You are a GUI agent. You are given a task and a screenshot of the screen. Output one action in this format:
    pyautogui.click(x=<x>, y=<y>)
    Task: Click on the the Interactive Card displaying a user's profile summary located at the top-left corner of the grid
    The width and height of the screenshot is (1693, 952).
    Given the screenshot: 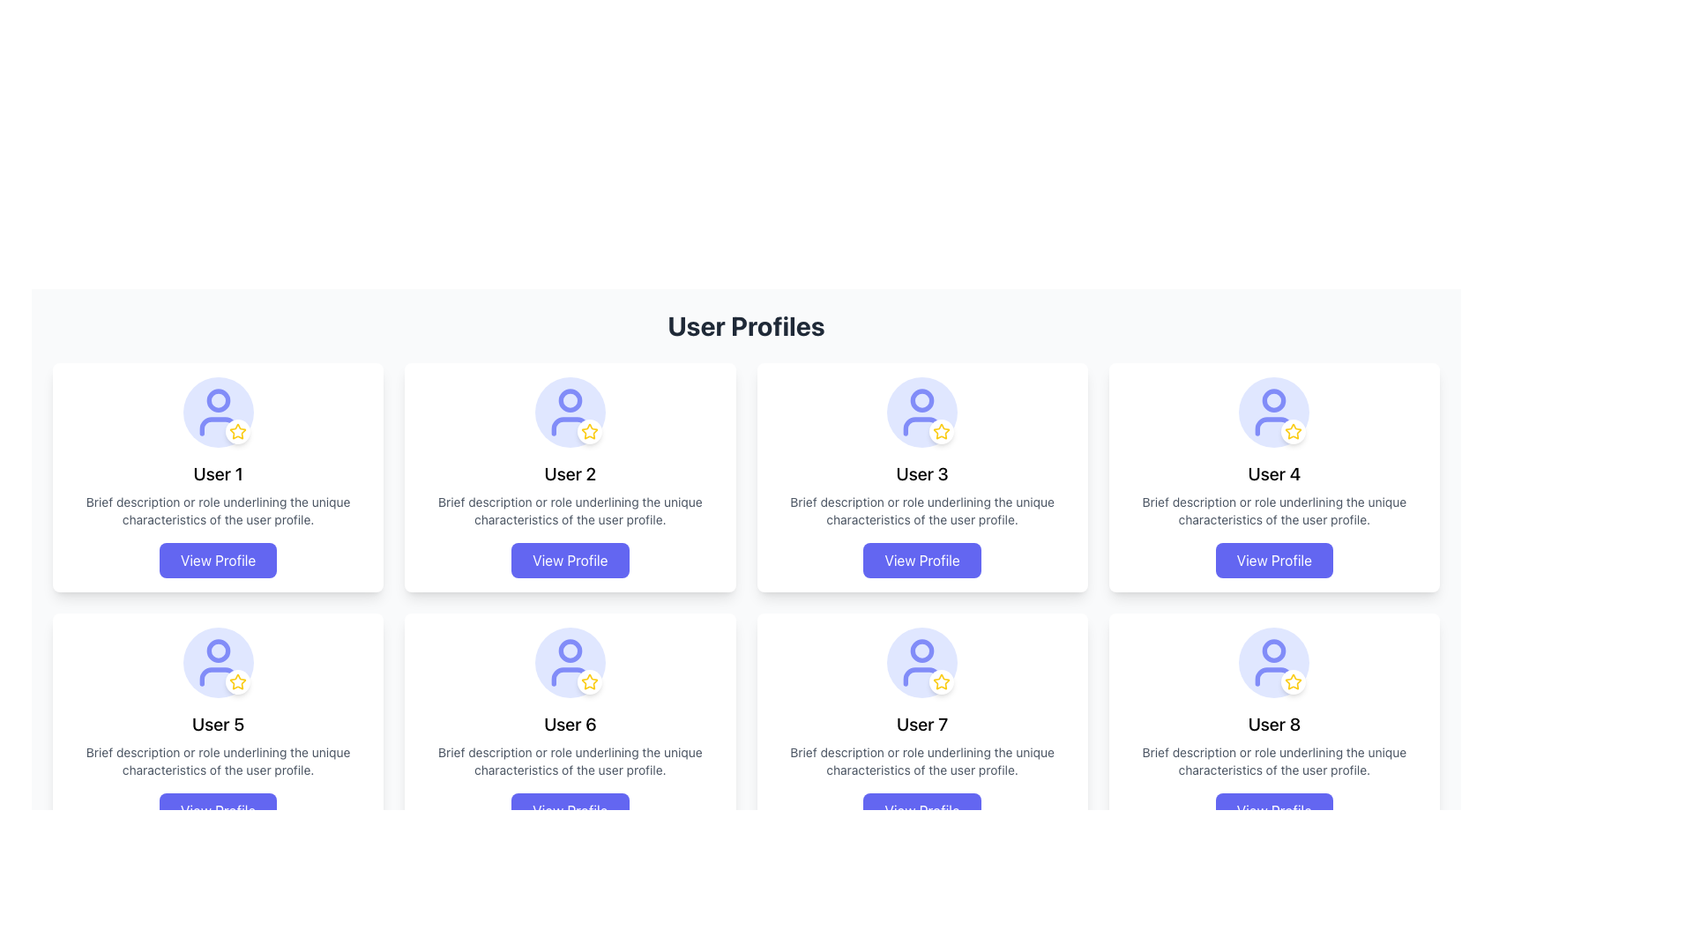 What is the action you would take?
    pyautogui.click(x=217, y=478)
    